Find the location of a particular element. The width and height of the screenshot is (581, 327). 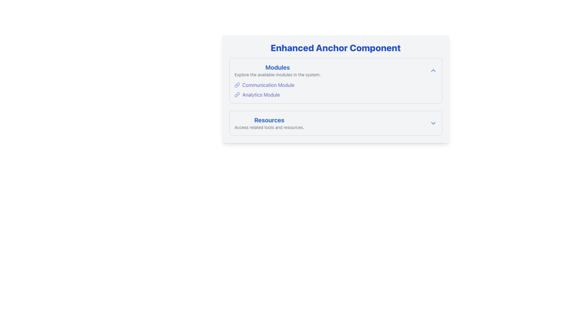

the icon located to the left of the 'Analytics Module' text is located at coordinates (237, 94).